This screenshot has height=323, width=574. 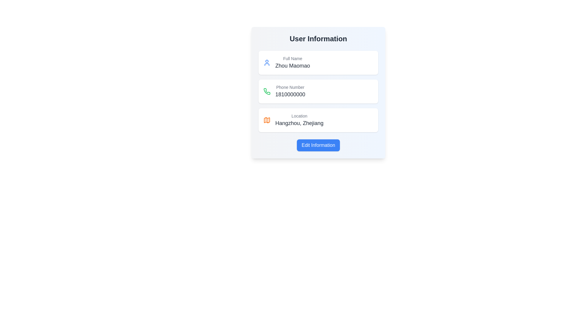 What do you see at coordinates (318, 39) in the screenshot?
I see `the text label or heading at the top of the user details card, which serves as a title indicating the section's content` at bounding box center [318, 39].